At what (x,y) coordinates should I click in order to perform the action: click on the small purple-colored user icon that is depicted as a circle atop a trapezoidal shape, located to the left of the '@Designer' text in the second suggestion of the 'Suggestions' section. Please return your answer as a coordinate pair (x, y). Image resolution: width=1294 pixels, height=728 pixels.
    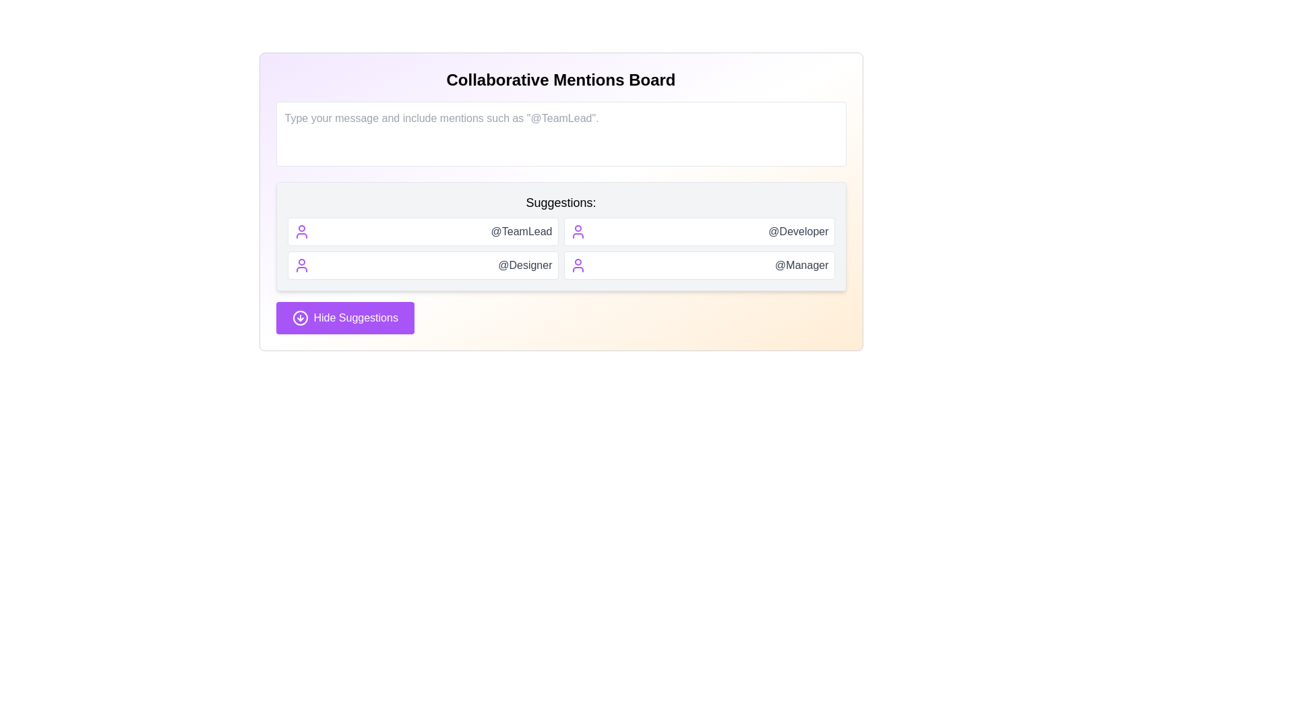
    Looking at the image, I should click on (301, 265).